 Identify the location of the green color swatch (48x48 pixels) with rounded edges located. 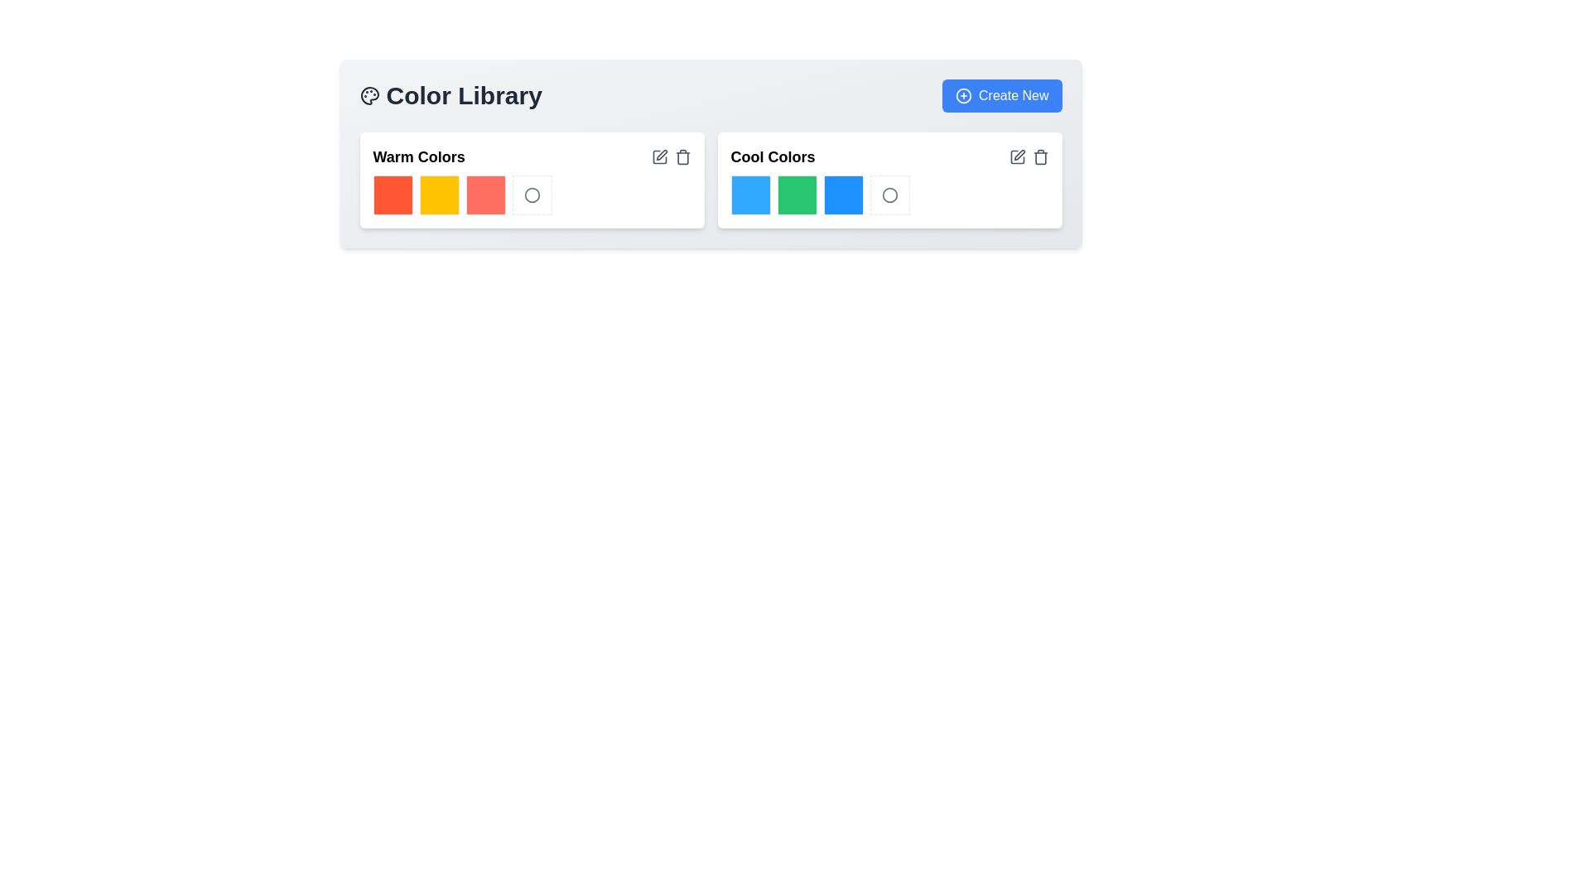
(797, 194).